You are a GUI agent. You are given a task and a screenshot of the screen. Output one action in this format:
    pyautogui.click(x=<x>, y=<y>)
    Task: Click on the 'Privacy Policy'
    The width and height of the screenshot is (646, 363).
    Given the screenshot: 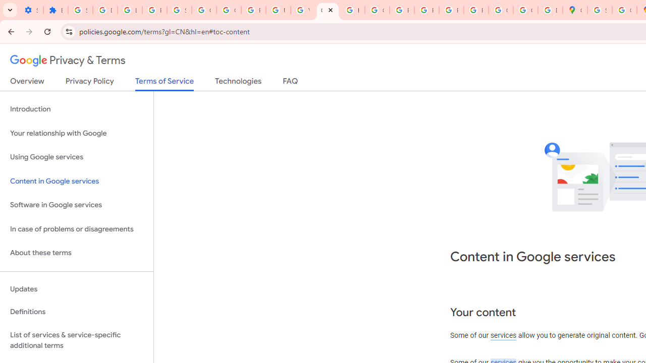 What is the action you would take?
    pyautogui.click(x=89, y=83)
    